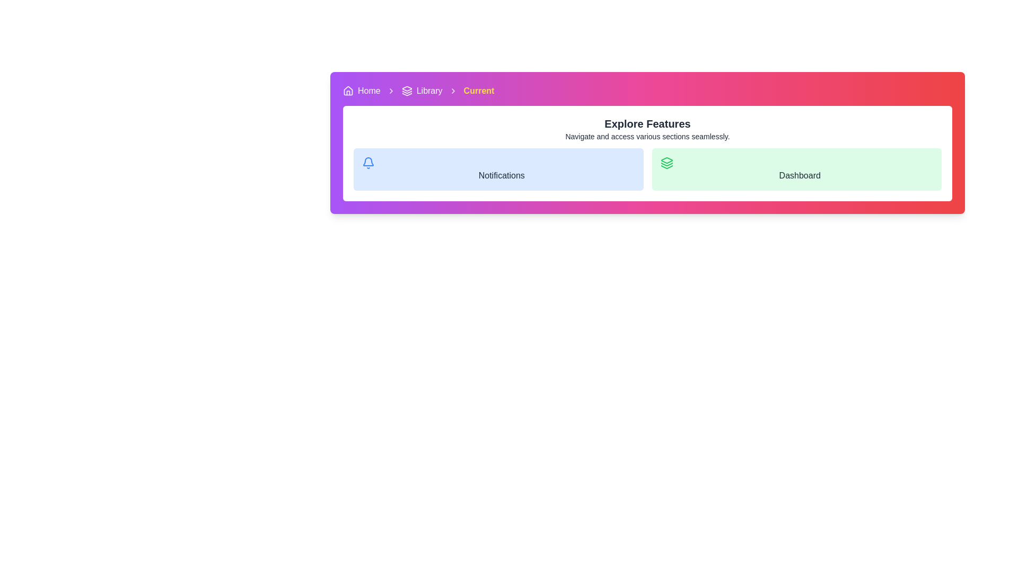  What do you see at coordinates (666, 164) in the screenshot?
I see `the middle layer of the stacked icon within the Dashboard button located in the Explore Features section` at bounding box center [666, 164].